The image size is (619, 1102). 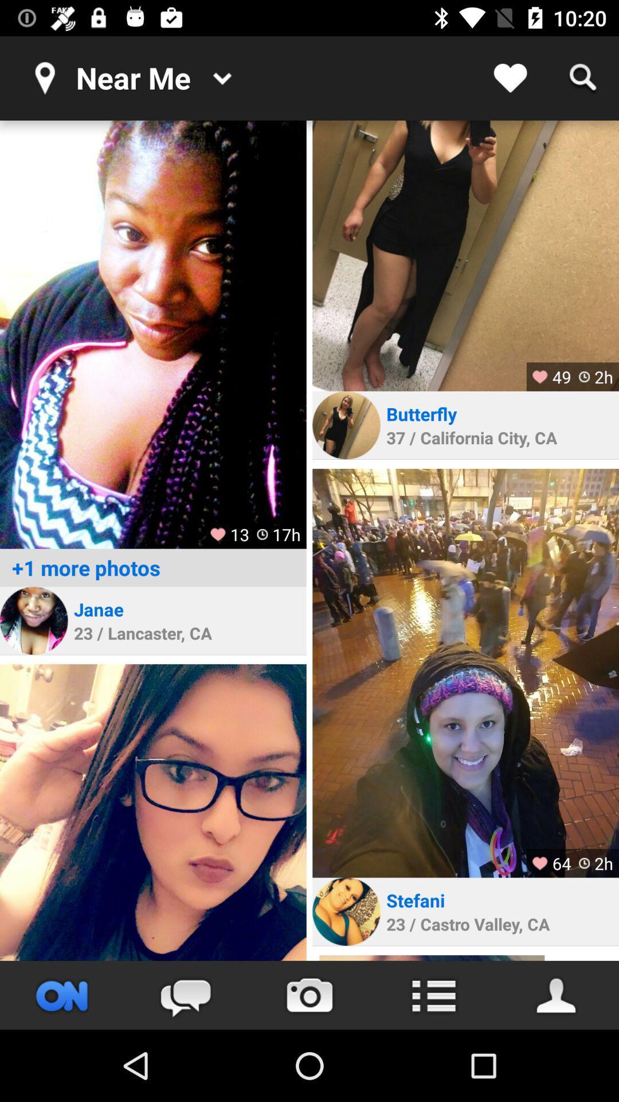 I want to click on click photo, so click(x=465, y=255).